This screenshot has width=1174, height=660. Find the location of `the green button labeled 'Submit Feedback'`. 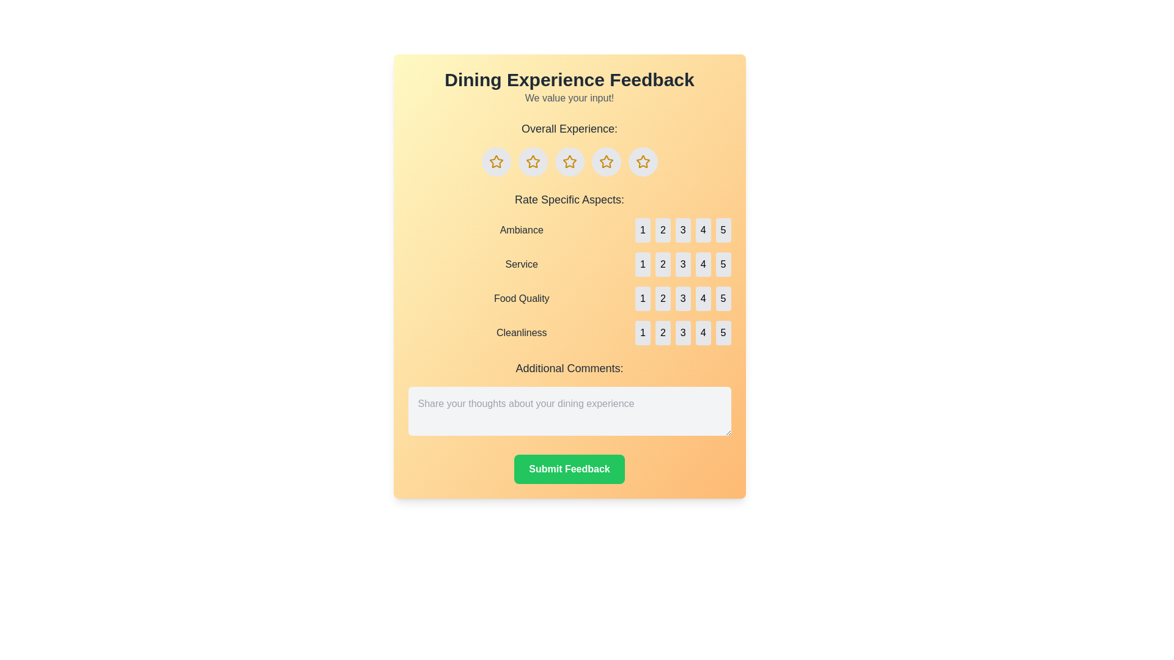

the green button labeled 'Submit Feedback' is located at coordinates (569, 468).